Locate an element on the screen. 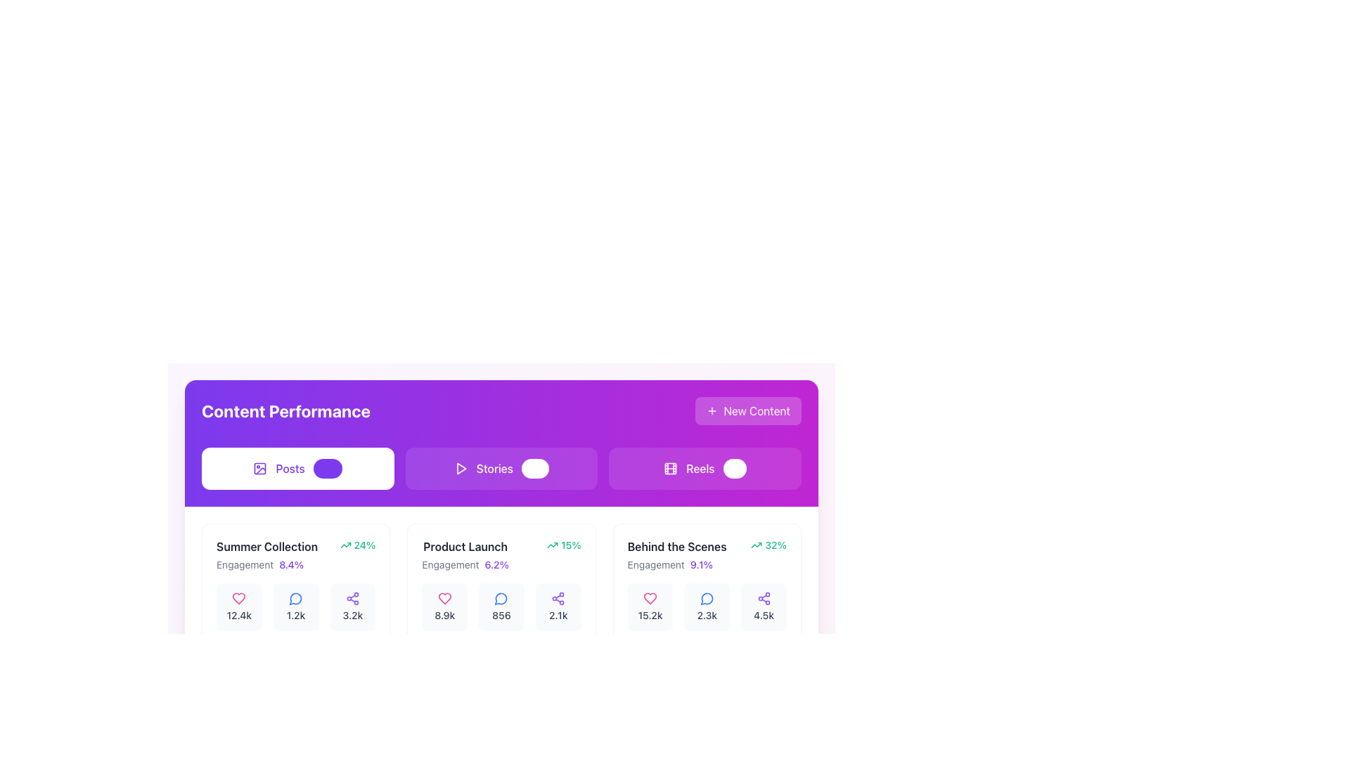 This screenshot has width=1350, height=759. the context represented by the upward trending arrow SVG icon located immediately to the left of the '15%' text in green, part of the 'Product Launch' section is located at coordinates (552, 544).